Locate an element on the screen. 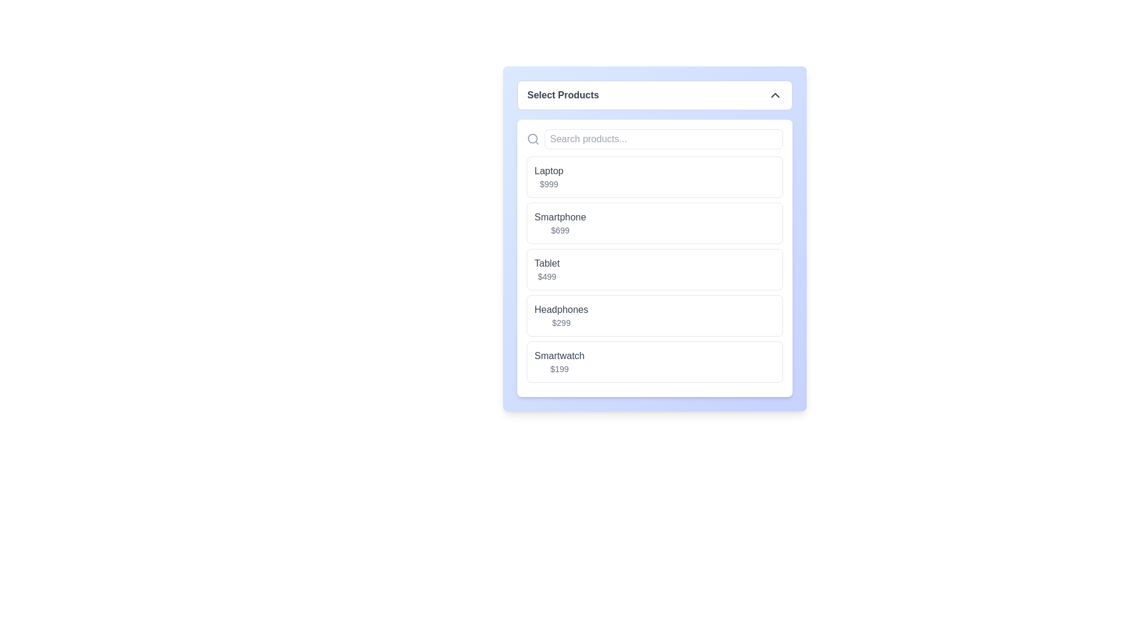 Image resolution: width=1139 pixels, height=640 pixels. the Text Label that serves as the title for the dropdown menu, located at the top left of the blue-bordered interface is located at coordinates (562, 95).